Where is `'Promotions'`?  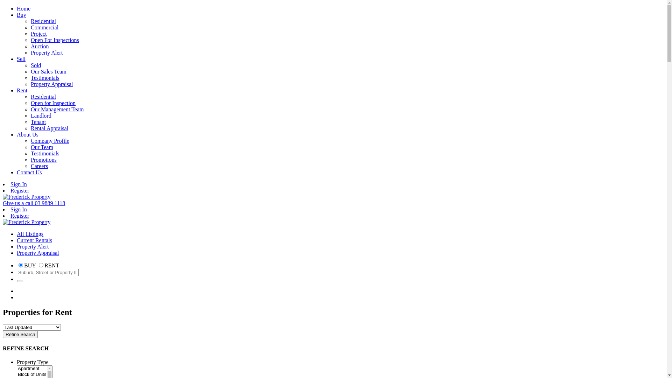
'Promotions' is located at coordinates (30, 160).